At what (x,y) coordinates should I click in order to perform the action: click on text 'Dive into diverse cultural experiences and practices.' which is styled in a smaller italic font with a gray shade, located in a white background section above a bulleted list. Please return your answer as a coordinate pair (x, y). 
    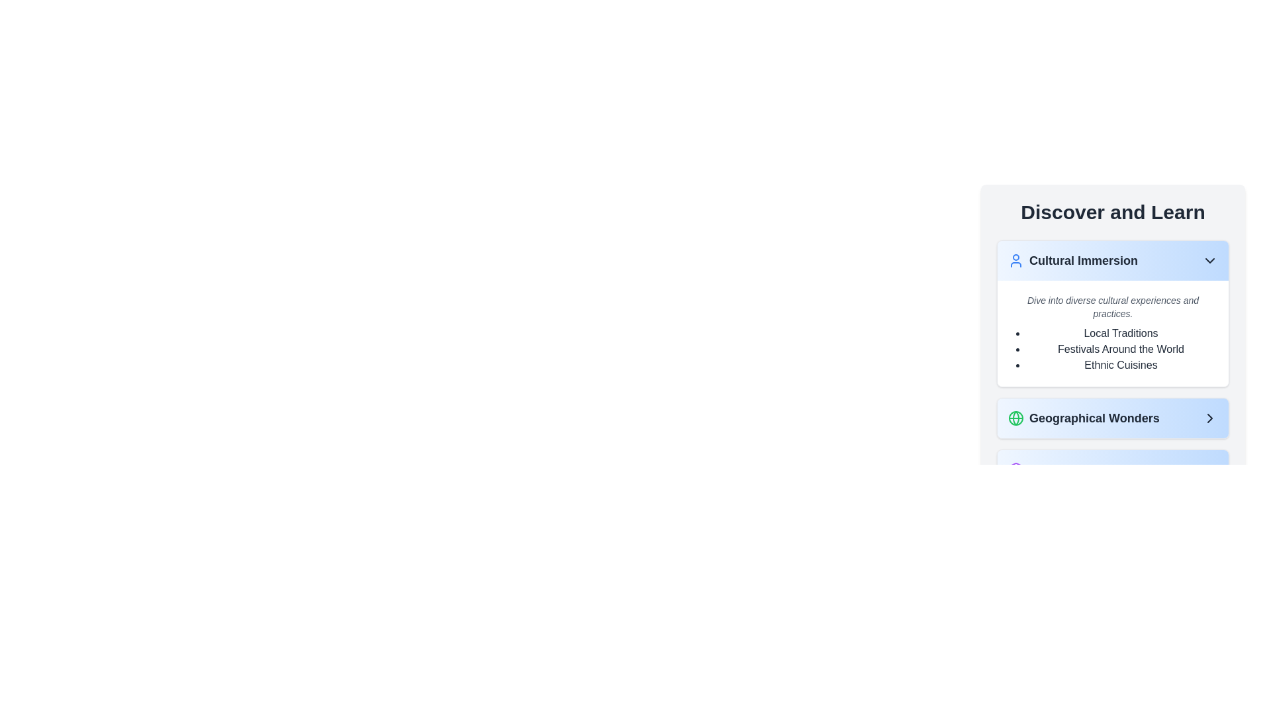
    Looking at the image, I should click on (1112, 307).